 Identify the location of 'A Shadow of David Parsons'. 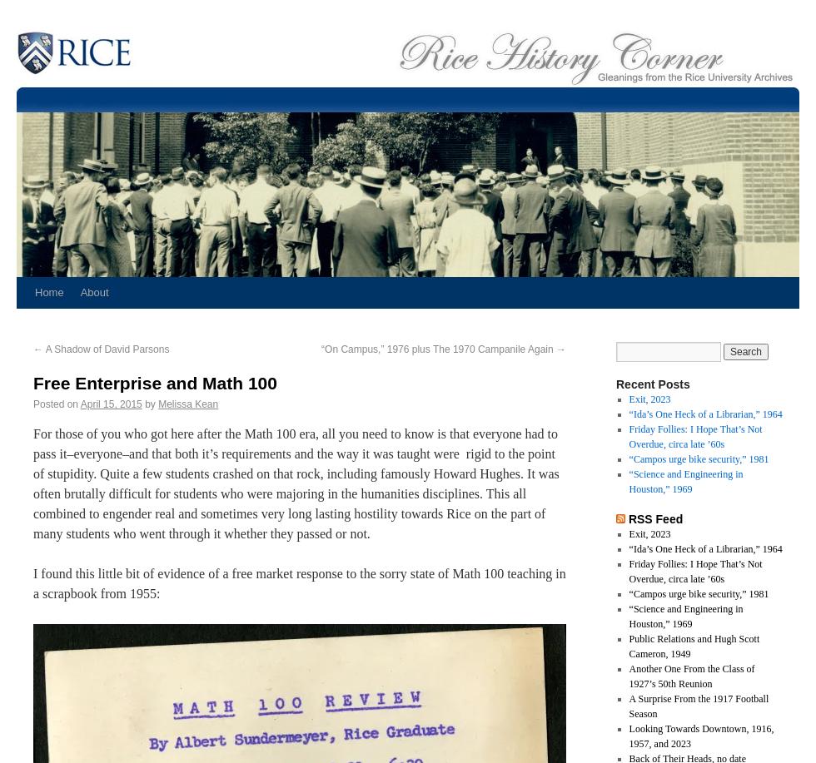
(106, 349).